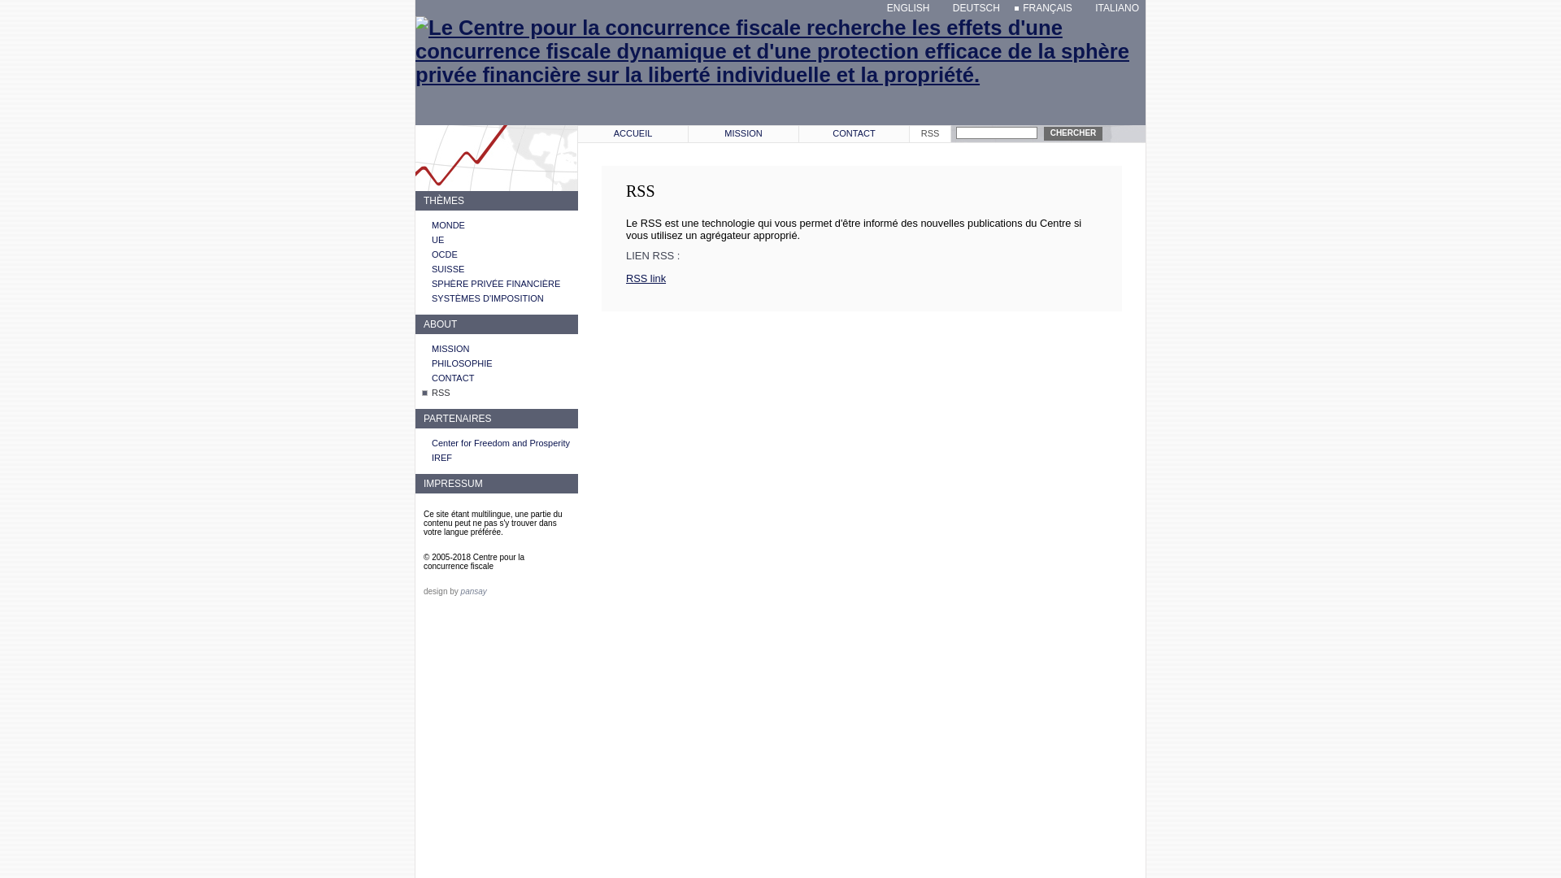 The width and height of the screenshot is (1561, 878). Describe the element at coordinates (799, 133) in the screenshot. I see `'CONTACT'` at that location.